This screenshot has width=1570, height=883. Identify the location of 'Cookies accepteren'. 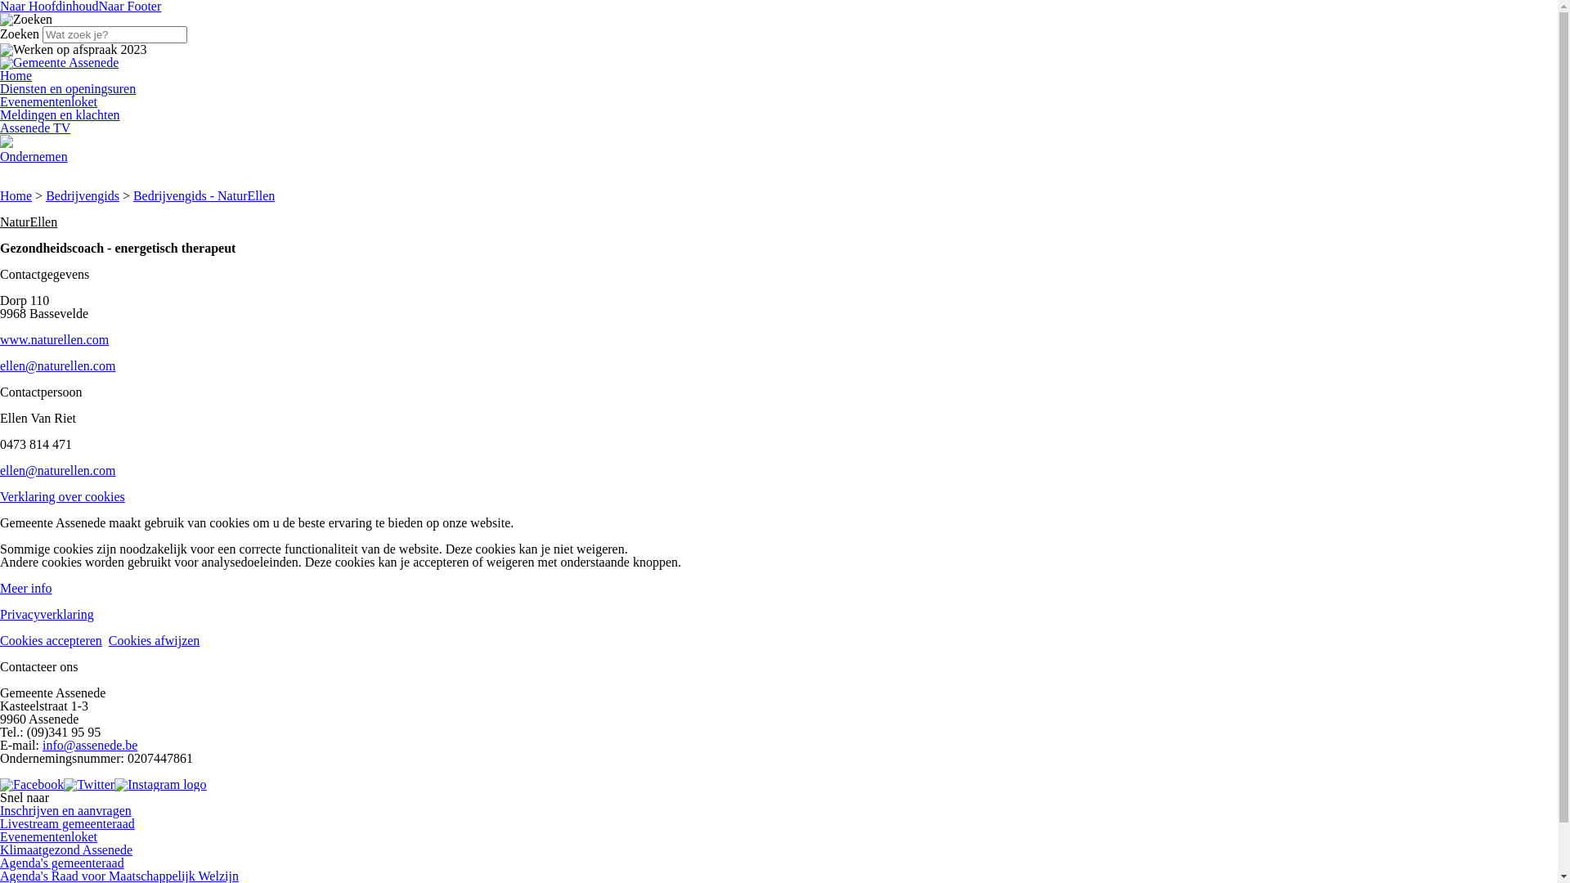
(51, 639).